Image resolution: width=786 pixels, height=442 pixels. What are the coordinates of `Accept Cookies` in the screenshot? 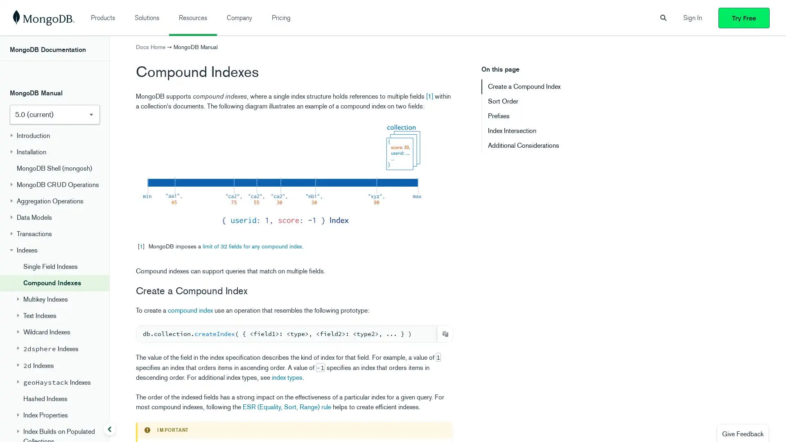 It's located at (631, 424).